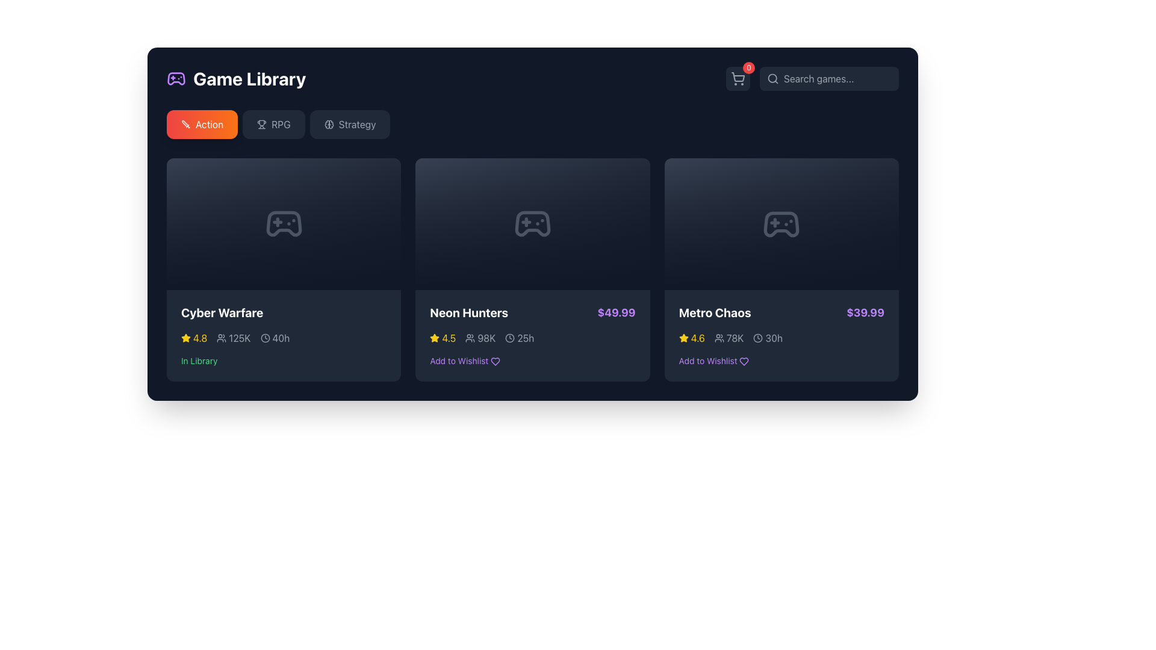  I want to click on the Text label displaying the approximate playtime or duration associated with the game, located in the middle card of three cards, so click(526, 338).